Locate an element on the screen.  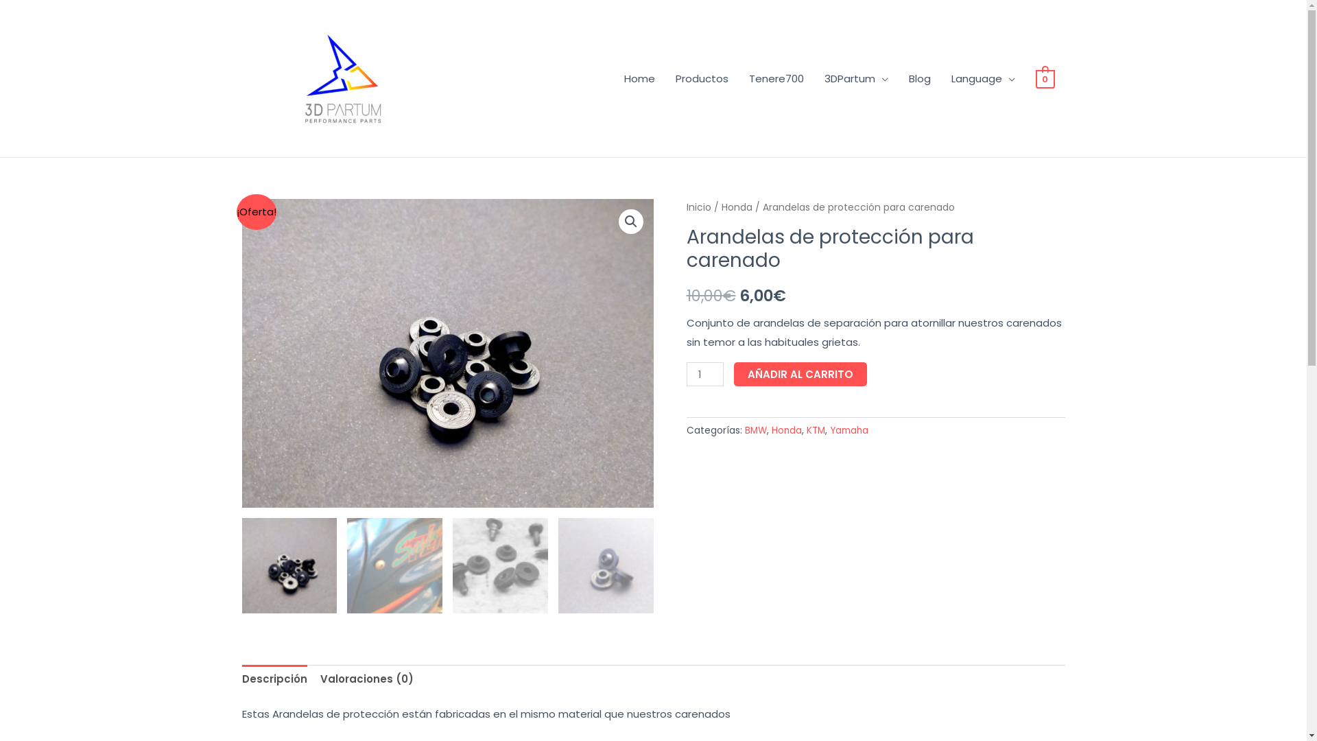
'3DPartum' is located at coordinates (855, 78).